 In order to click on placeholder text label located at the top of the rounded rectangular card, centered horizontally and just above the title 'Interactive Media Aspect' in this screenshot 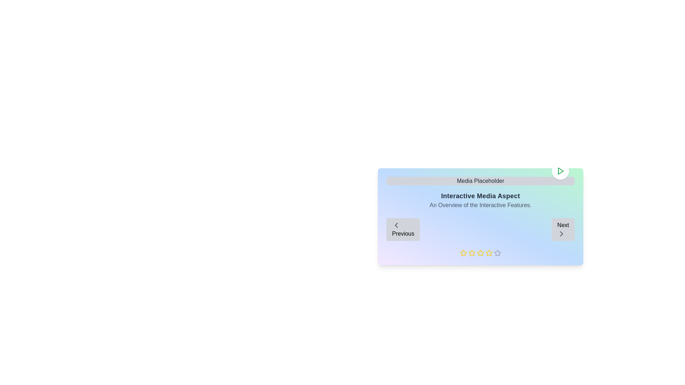, I will do `click(481, 181)`.